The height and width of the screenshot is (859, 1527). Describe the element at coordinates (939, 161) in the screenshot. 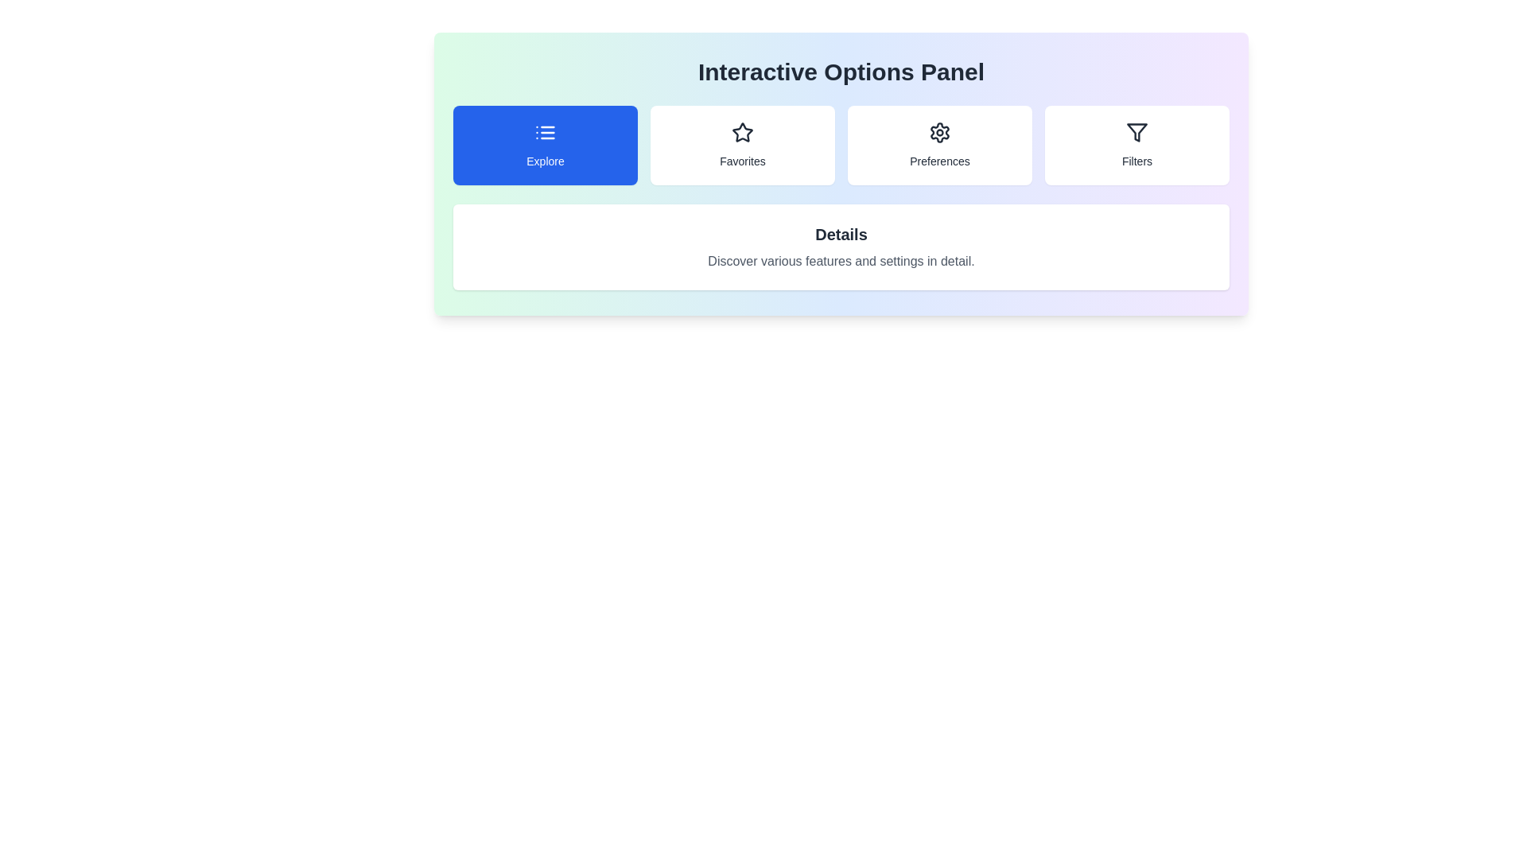

I see `the 'Preferences' label located below the gear icon in the third option box of the horizontal menu` at that location.